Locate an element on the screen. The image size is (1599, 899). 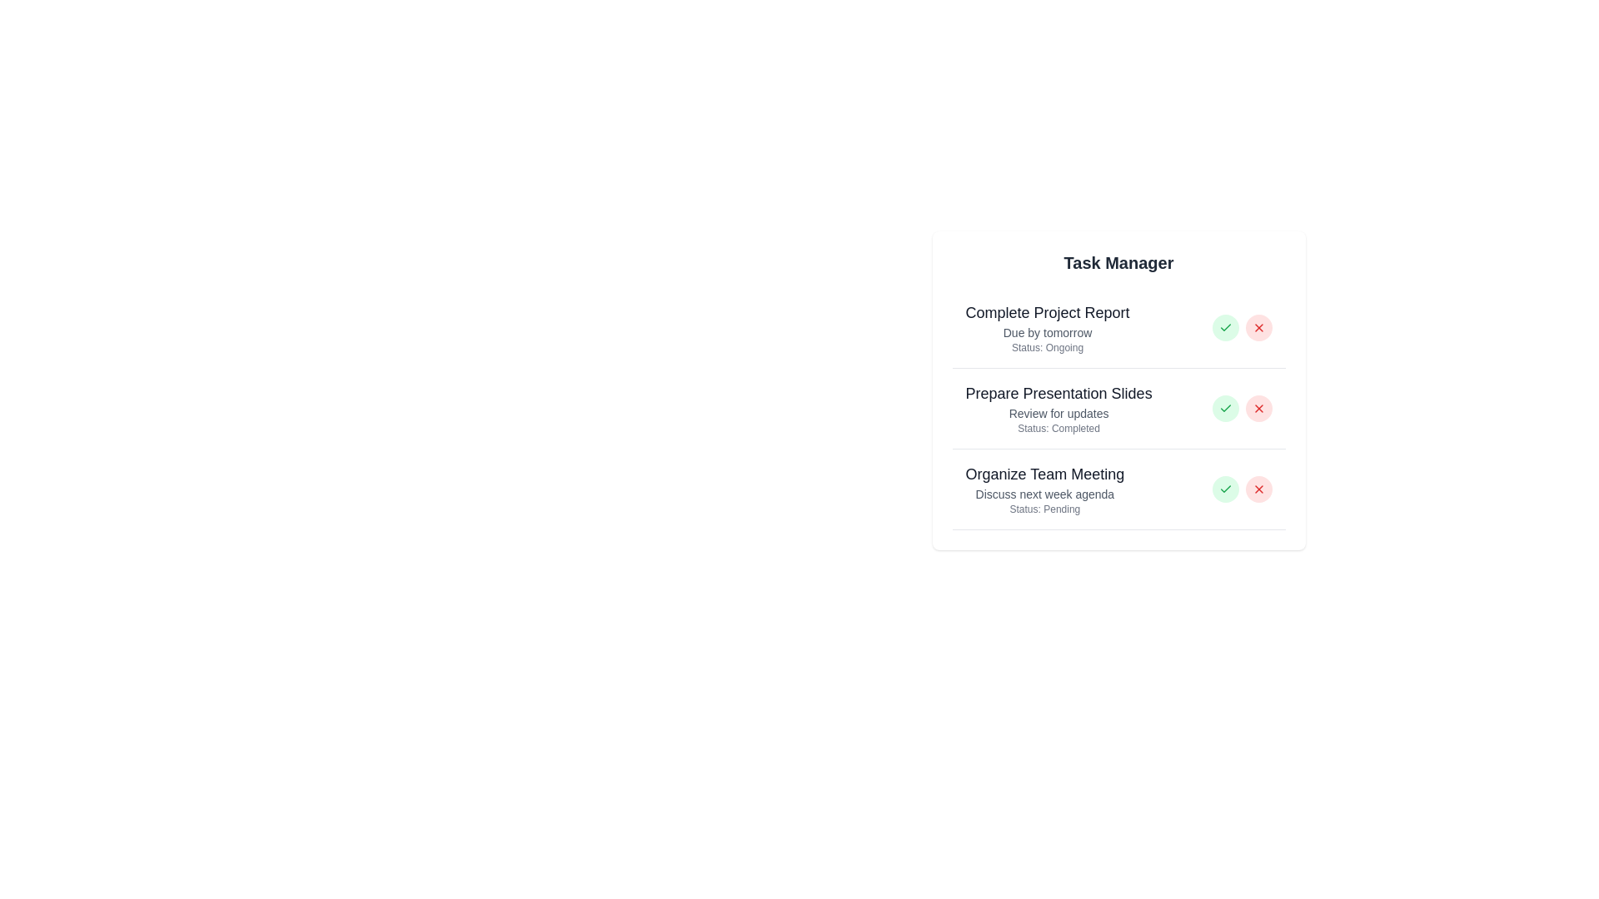
the dismiss/delete icon button located on the right side of the task titled 'Complete Project Report' is located at coordinates (1258, 327).